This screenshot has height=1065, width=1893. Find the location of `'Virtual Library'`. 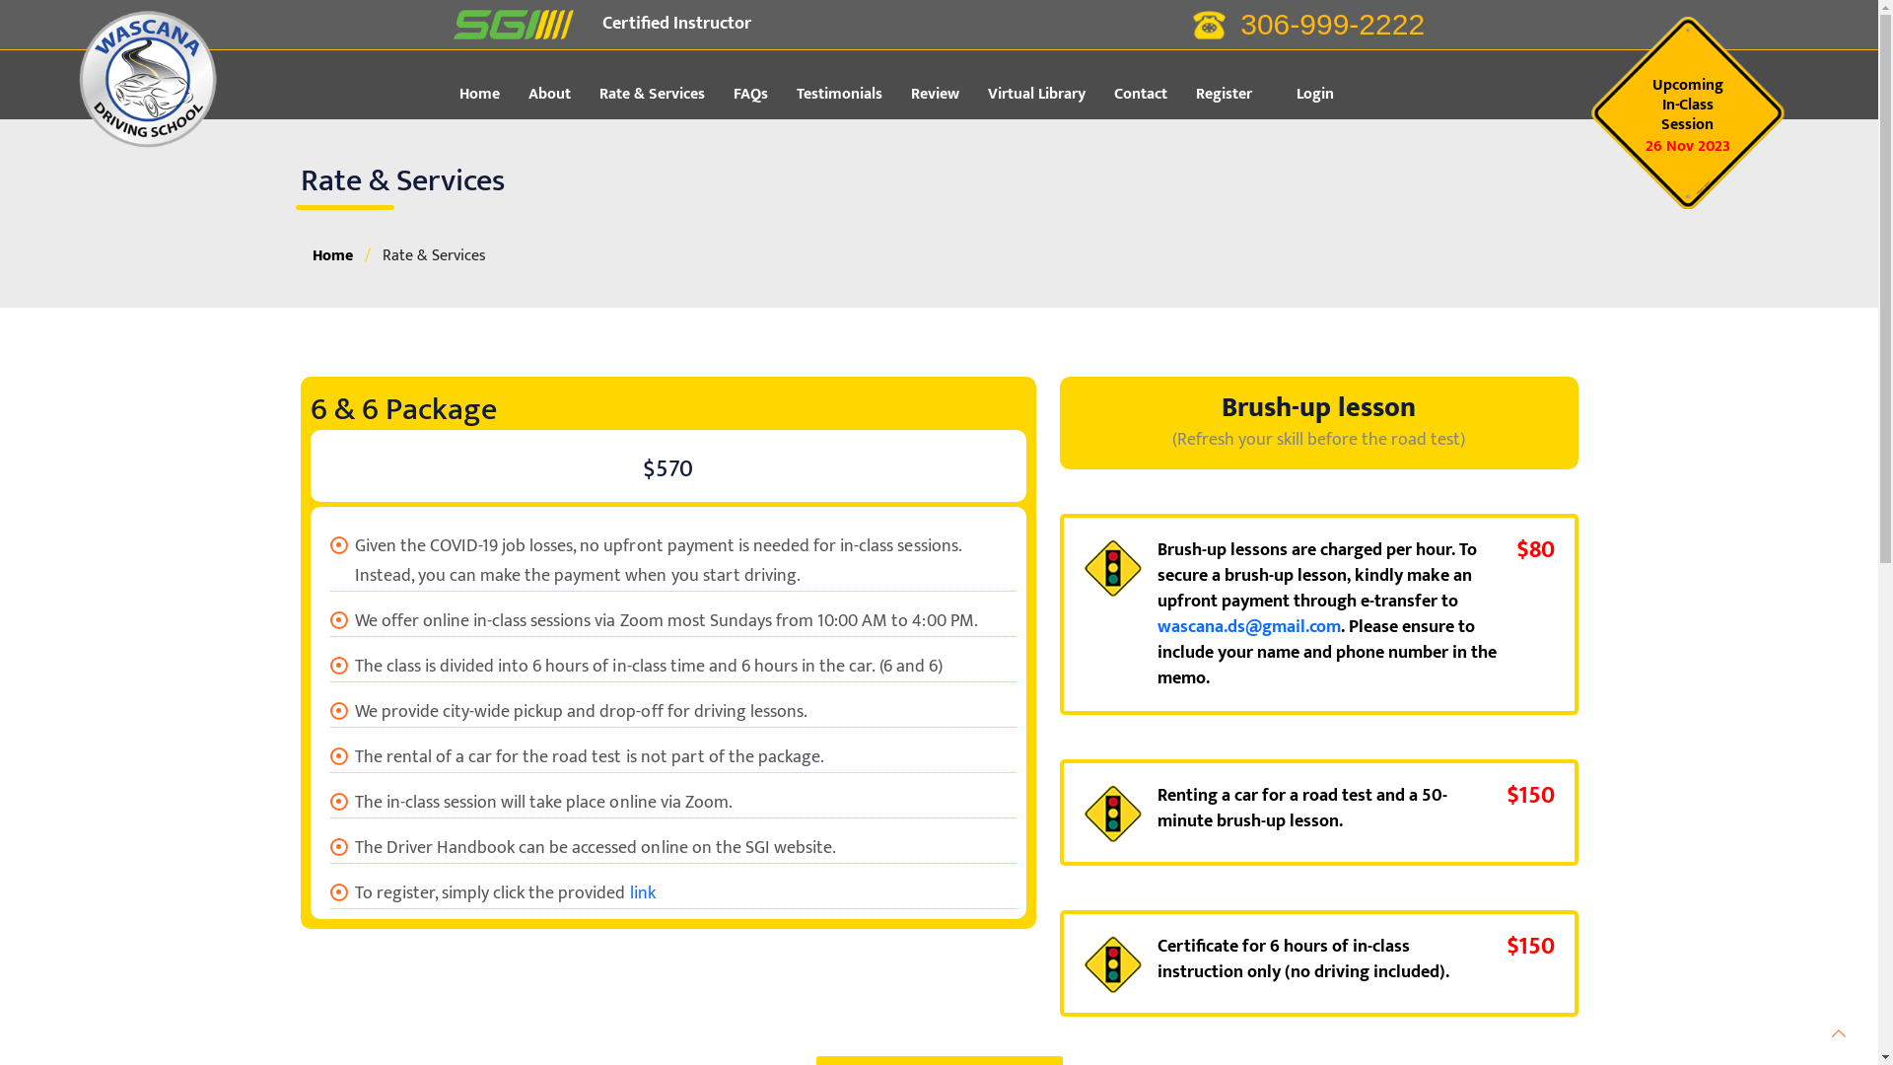

'Virtual Library' is located at coordinates (1048, 95).